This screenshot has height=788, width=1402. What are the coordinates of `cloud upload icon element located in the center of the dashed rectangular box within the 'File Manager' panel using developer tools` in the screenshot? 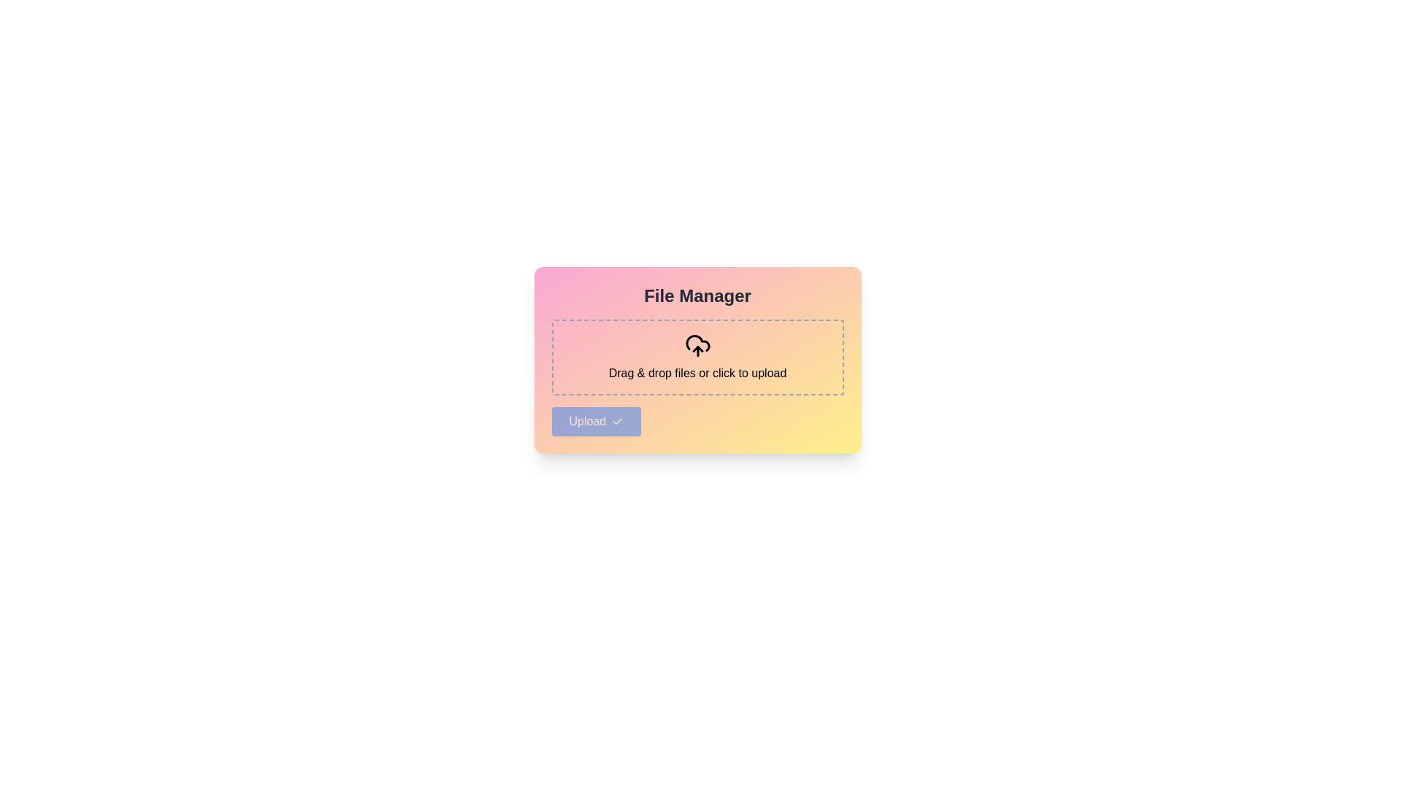 It's located at (697, 346).